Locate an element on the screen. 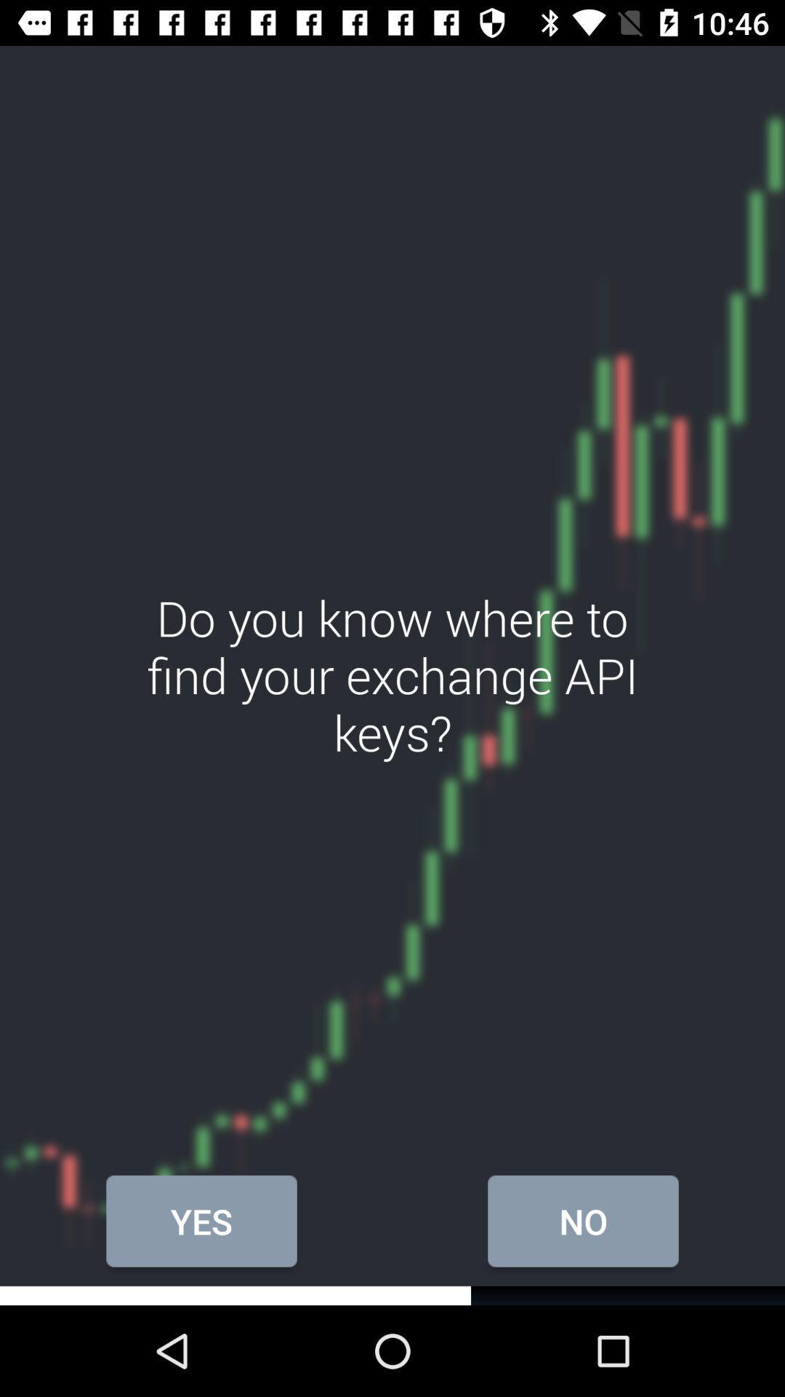 This screenshot has width=785, height=1397. yes is located at coordinates (201, 1221).